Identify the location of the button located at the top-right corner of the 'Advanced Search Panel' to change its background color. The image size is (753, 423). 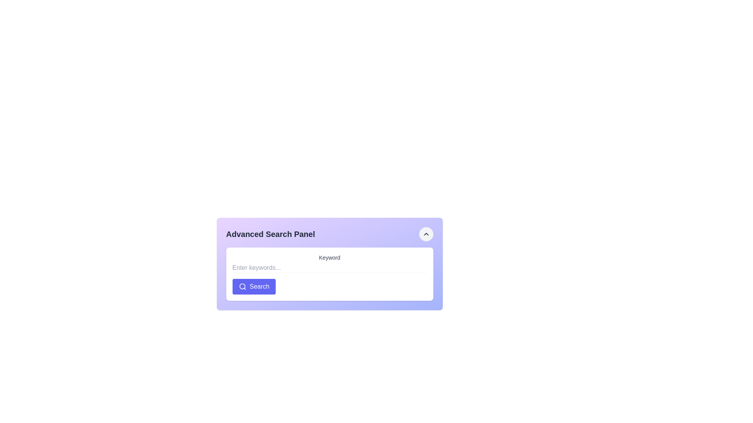
(426, 233).